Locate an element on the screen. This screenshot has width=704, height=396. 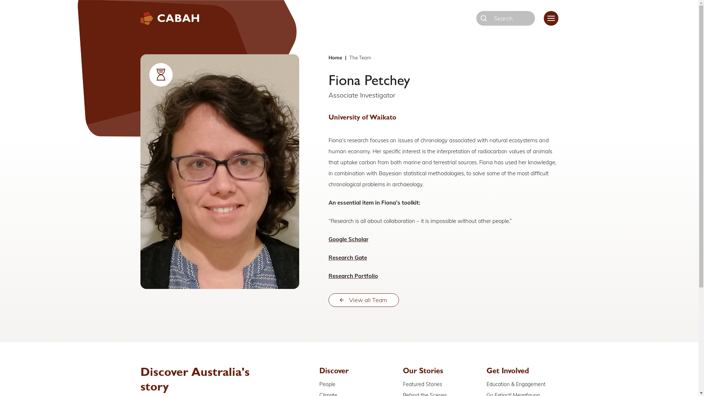
'Home' is located at coordinates (335, 57).